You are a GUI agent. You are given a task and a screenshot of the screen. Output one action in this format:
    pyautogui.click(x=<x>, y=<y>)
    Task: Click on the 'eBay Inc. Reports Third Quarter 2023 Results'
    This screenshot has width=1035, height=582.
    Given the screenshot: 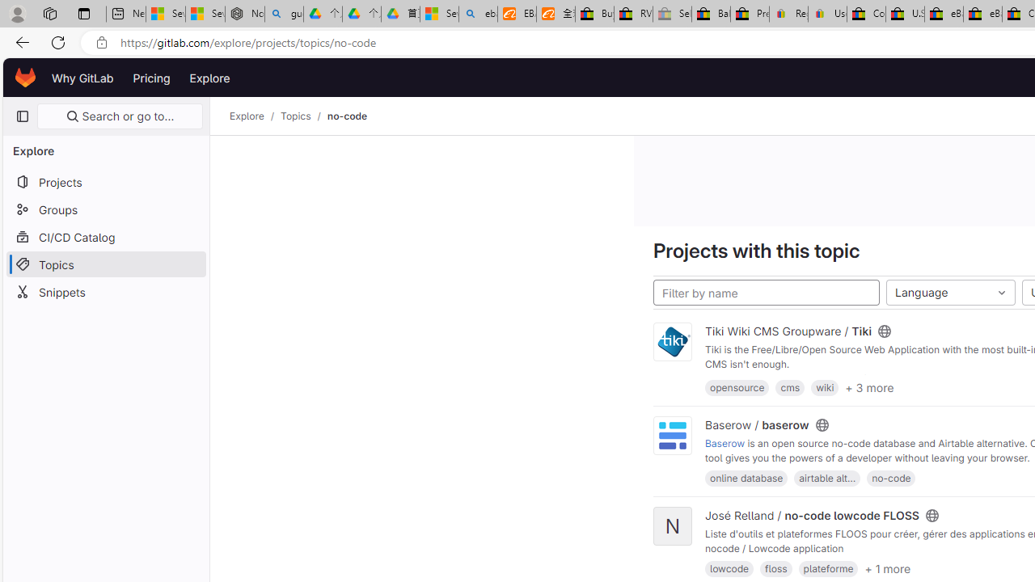 What is the action you would take?
    pyautogui.click(x=982, y=14)
    